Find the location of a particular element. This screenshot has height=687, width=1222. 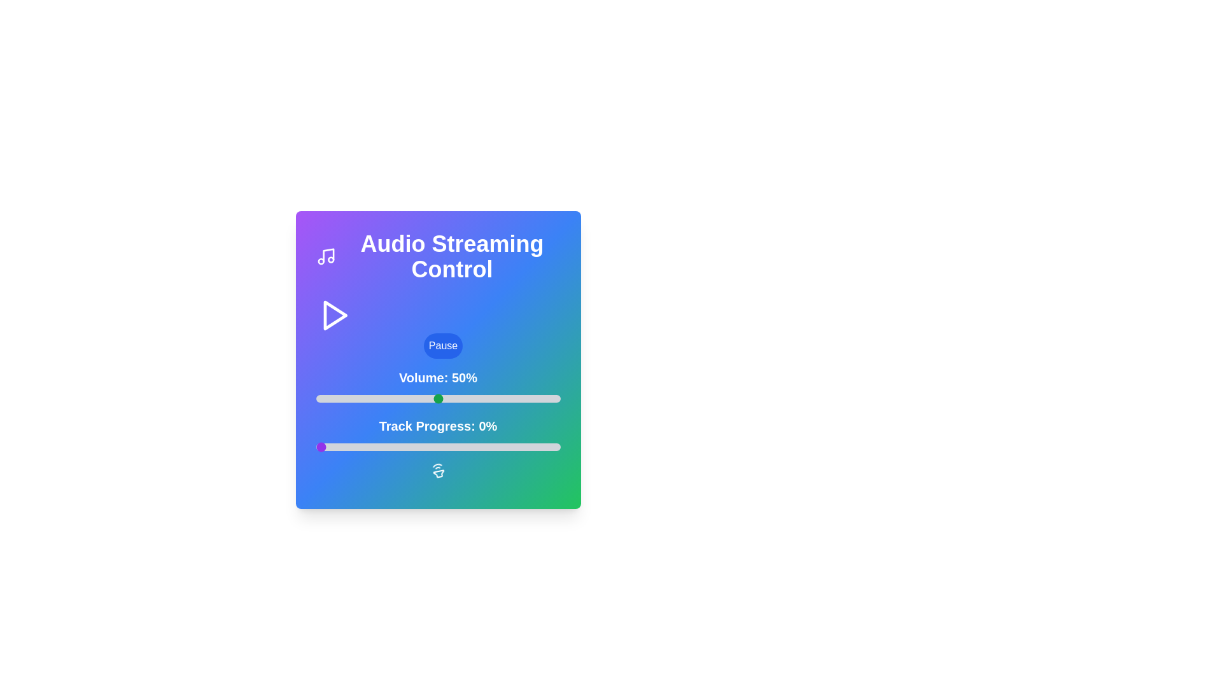

the track progress to 14% by interacting with the slider is located at coordinates (350, 446).